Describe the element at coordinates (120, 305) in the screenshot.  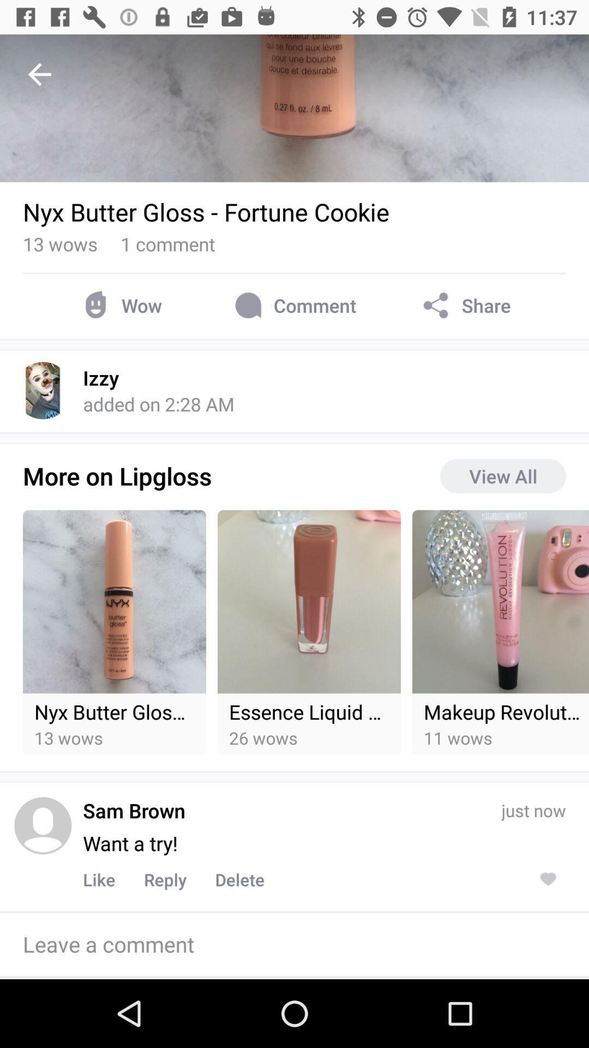
I see `wow item` at that location.